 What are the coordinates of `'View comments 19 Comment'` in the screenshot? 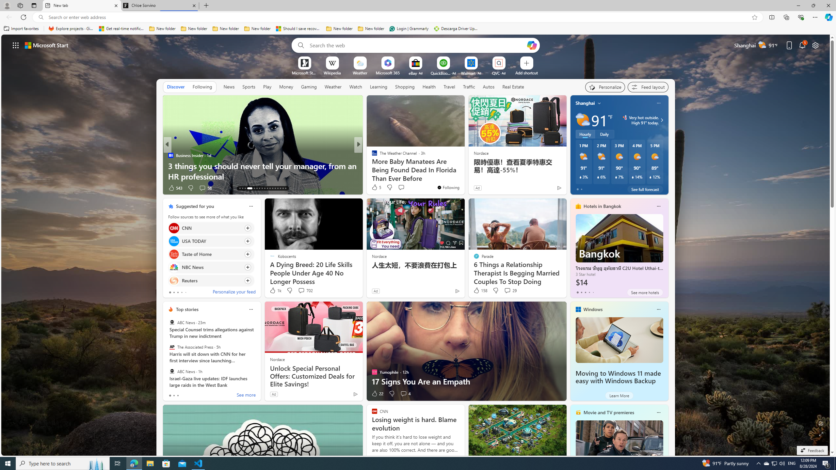 It's located at (403, 187).